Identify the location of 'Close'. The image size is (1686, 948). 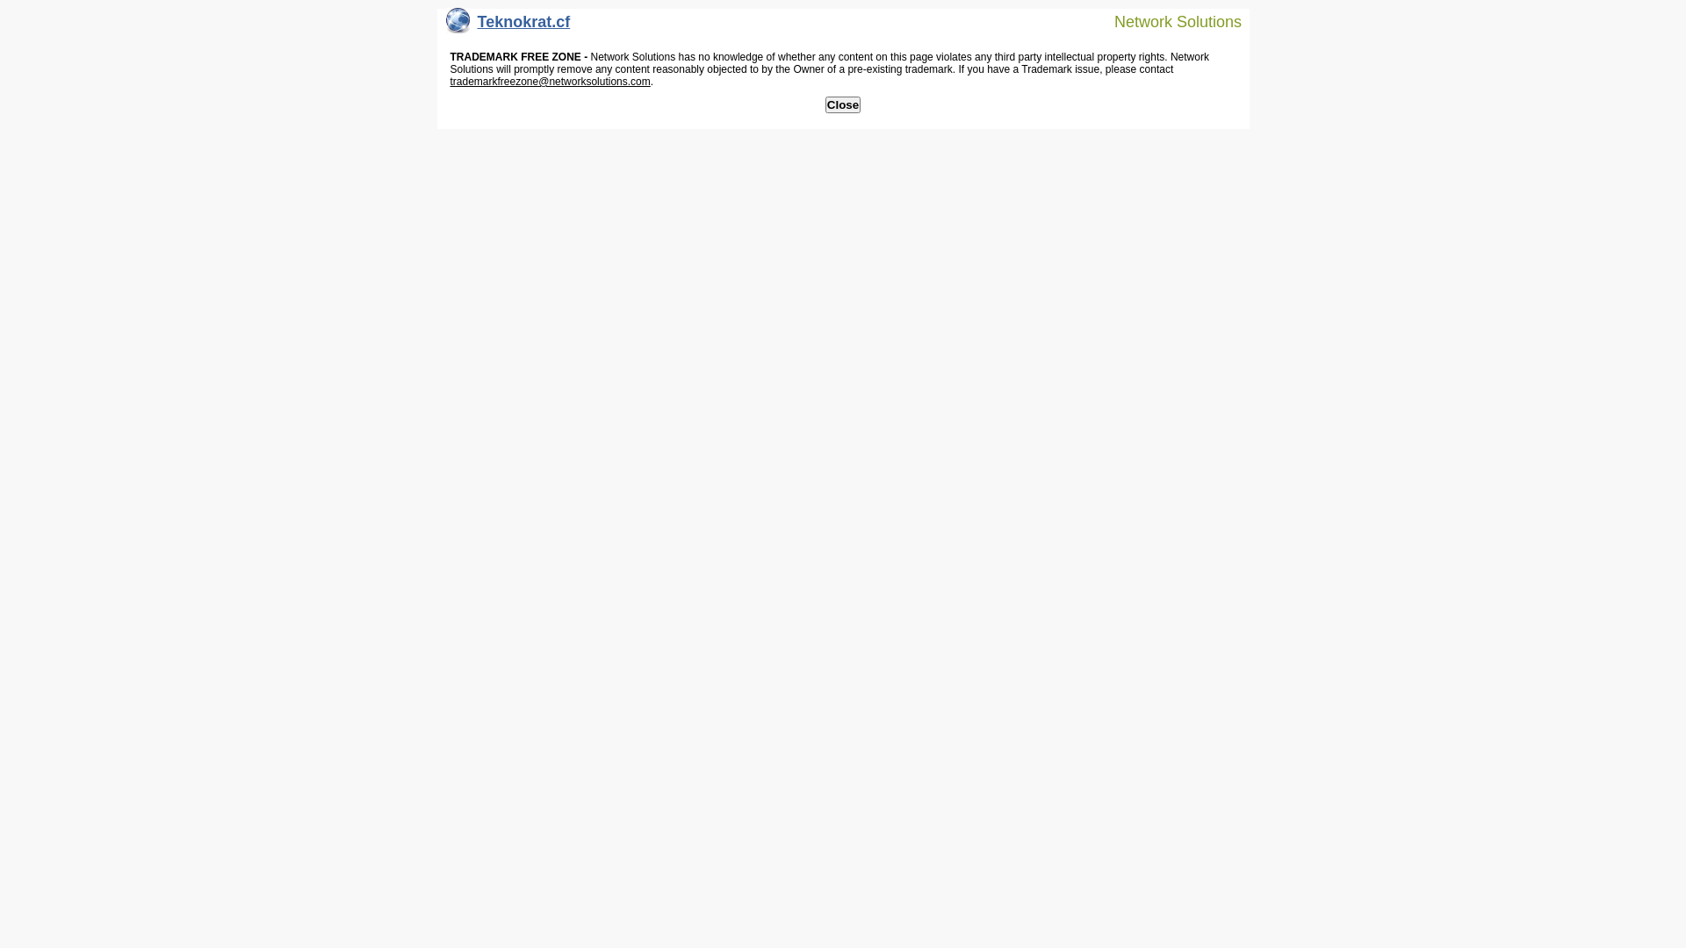
(843, 104).